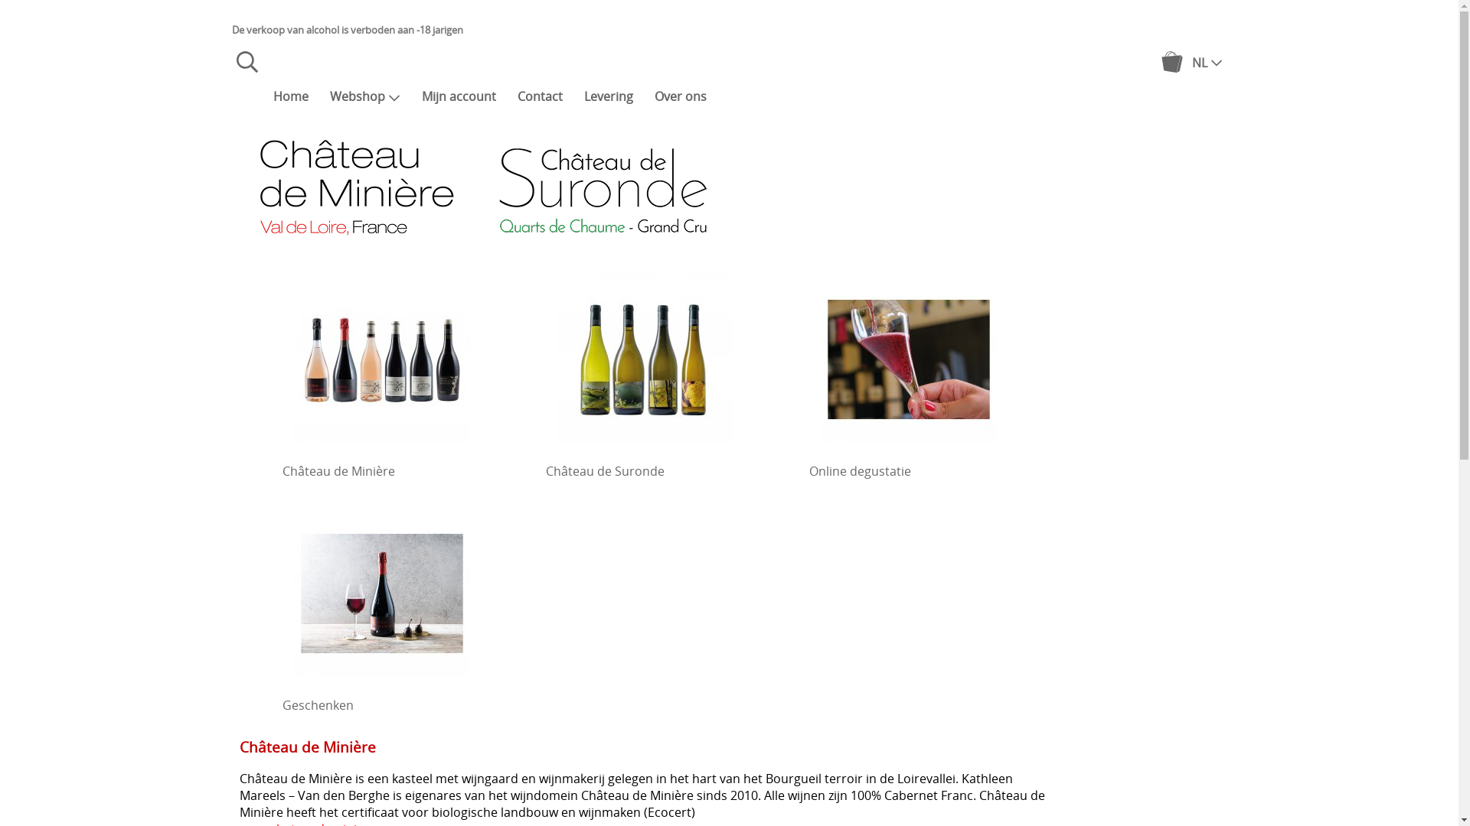 This screenshot has width=1470, height=826. Describe the element at coordinates (381, 604) in the screenshot. I see `'Geschenken'` at that location.